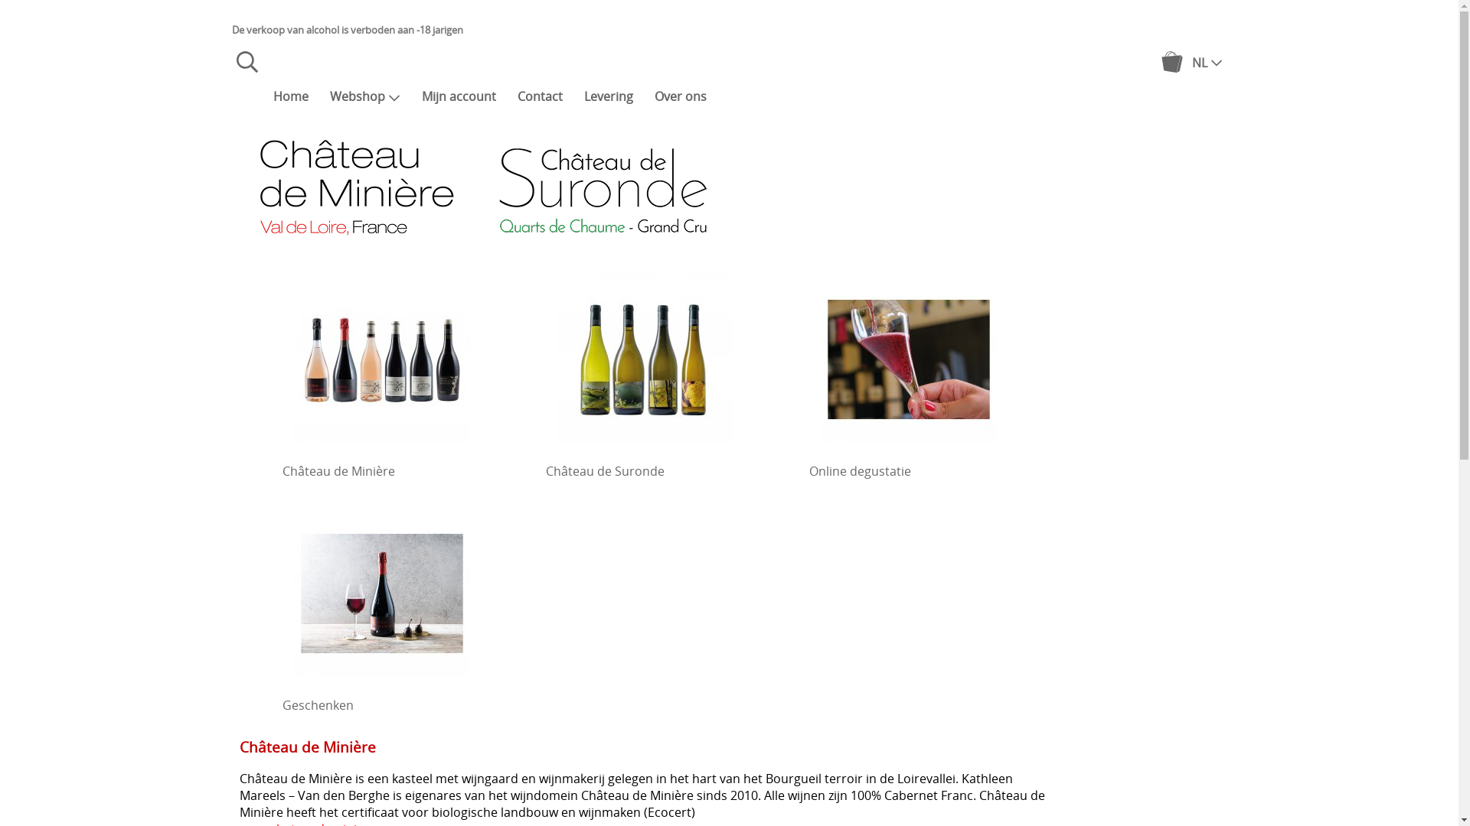 This screenshot has width=1470, height=826. Describe the element at coordinates (381, 604) in the screenshot. I see `'Geschenken'` at that location.